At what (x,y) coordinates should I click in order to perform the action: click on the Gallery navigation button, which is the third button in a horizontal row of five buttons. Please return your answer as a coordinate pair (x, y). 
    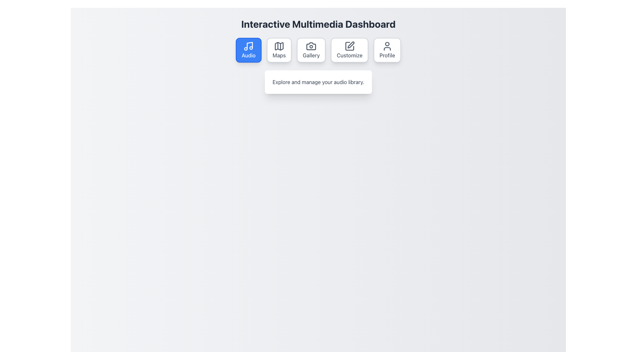
    Looking at the image, I should click on (311, 50).